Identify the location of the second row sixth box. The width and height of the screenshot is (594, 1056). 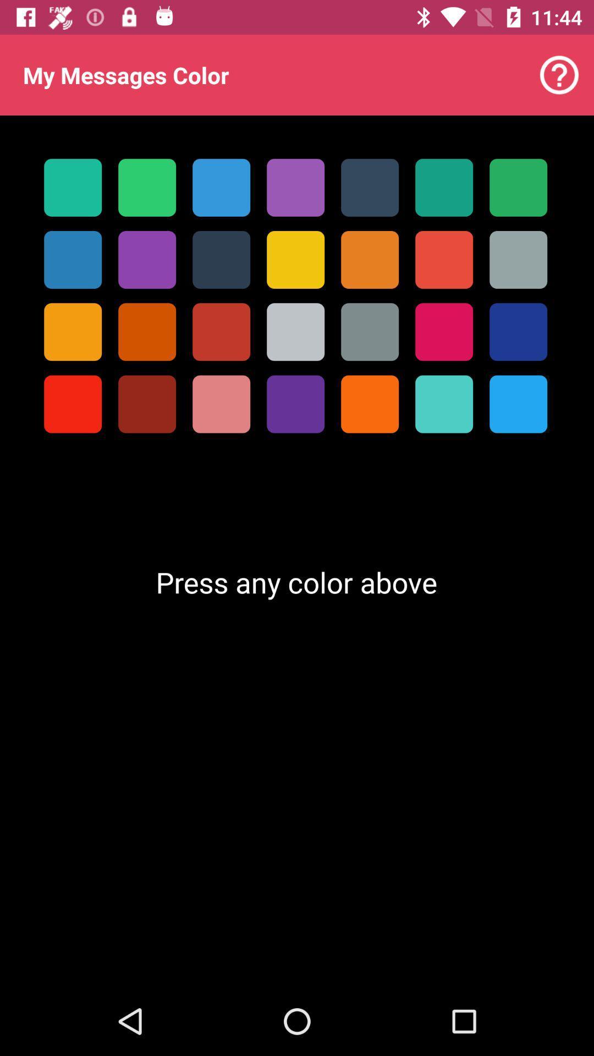
(443, 259).